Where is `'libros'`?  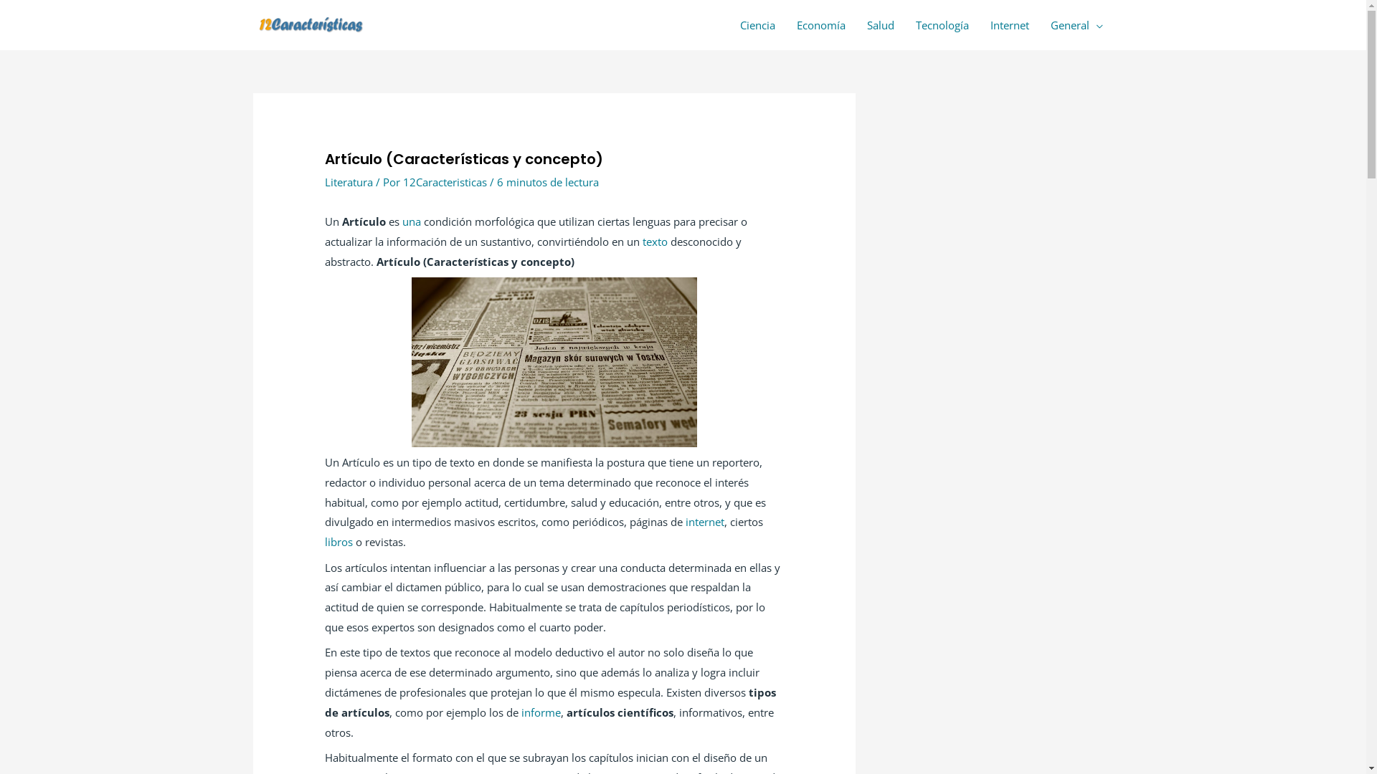 'libros' is located at coordinates (338, 542).